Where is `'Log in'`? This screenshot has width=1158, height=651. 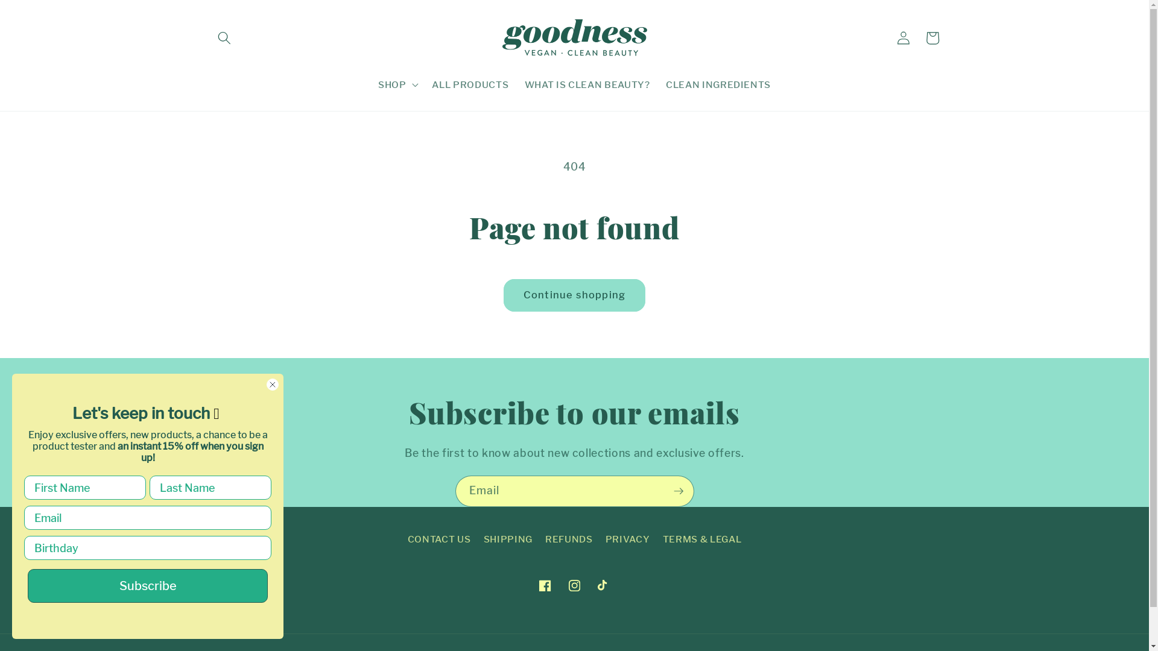 'Log in' is located at coordinates (903, 37).